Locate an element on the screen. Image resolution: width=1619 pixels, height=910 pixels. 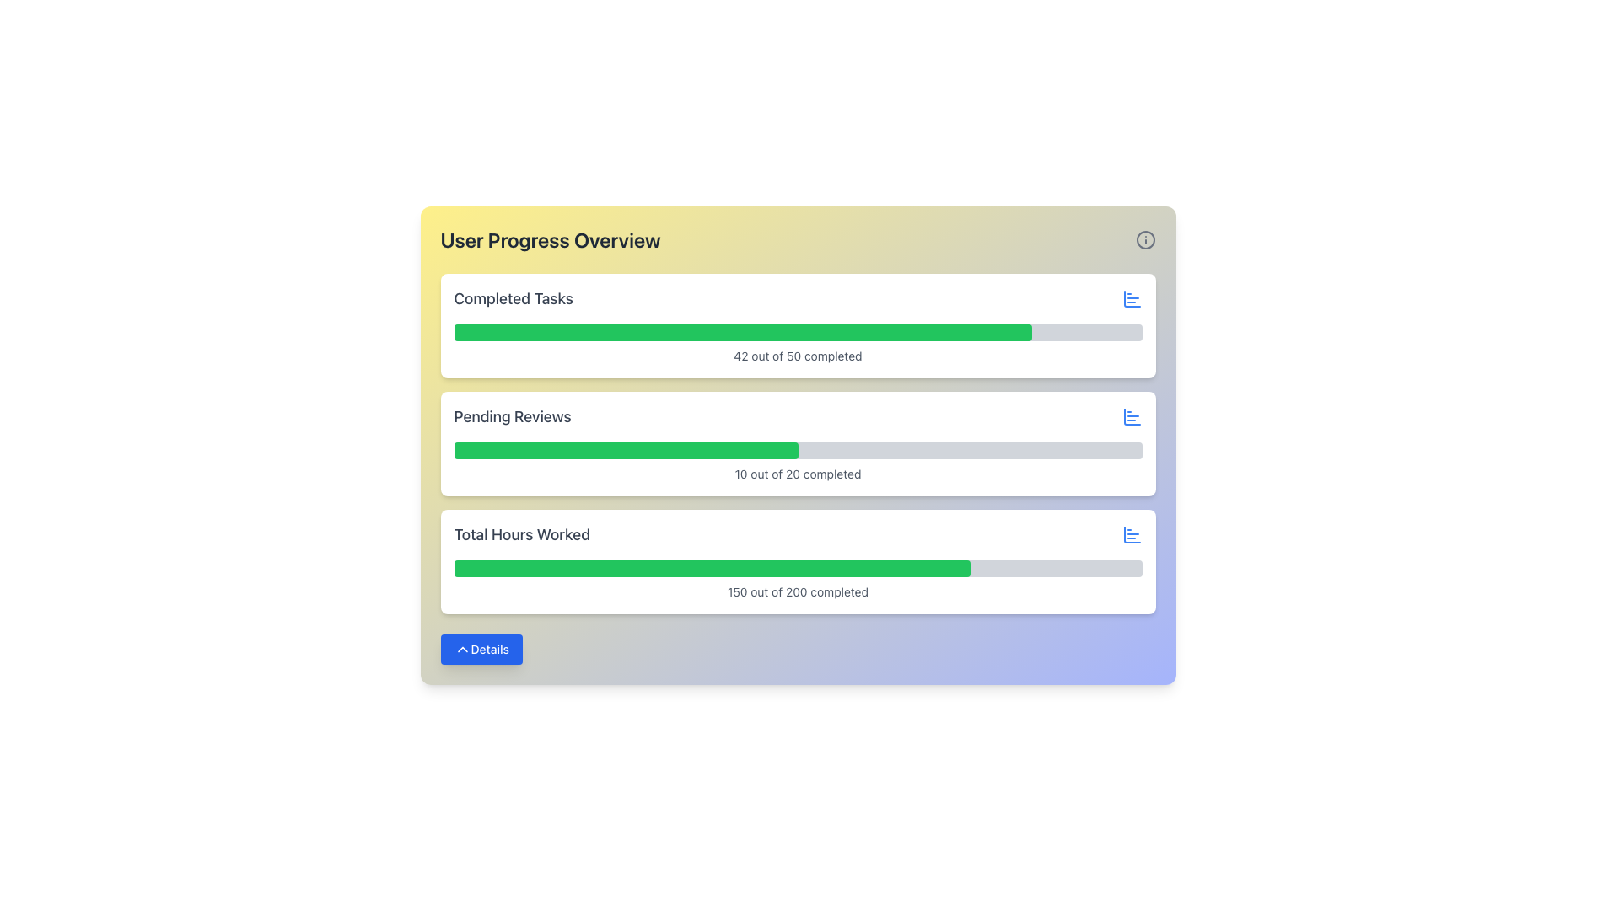
the blue bar chart icon button located to the right of the 'Total Hours Worked' label is located at coordinates (1132, 535).